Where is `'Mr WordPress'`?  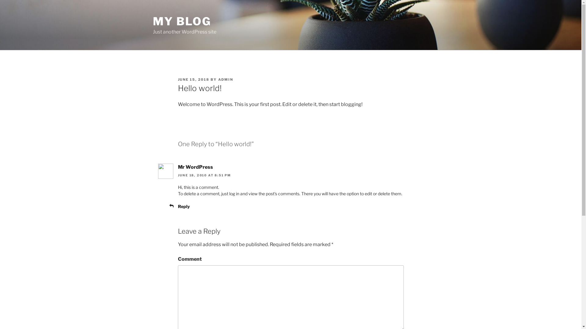 'Mr WordPress' is located at coordinates (195, 167).